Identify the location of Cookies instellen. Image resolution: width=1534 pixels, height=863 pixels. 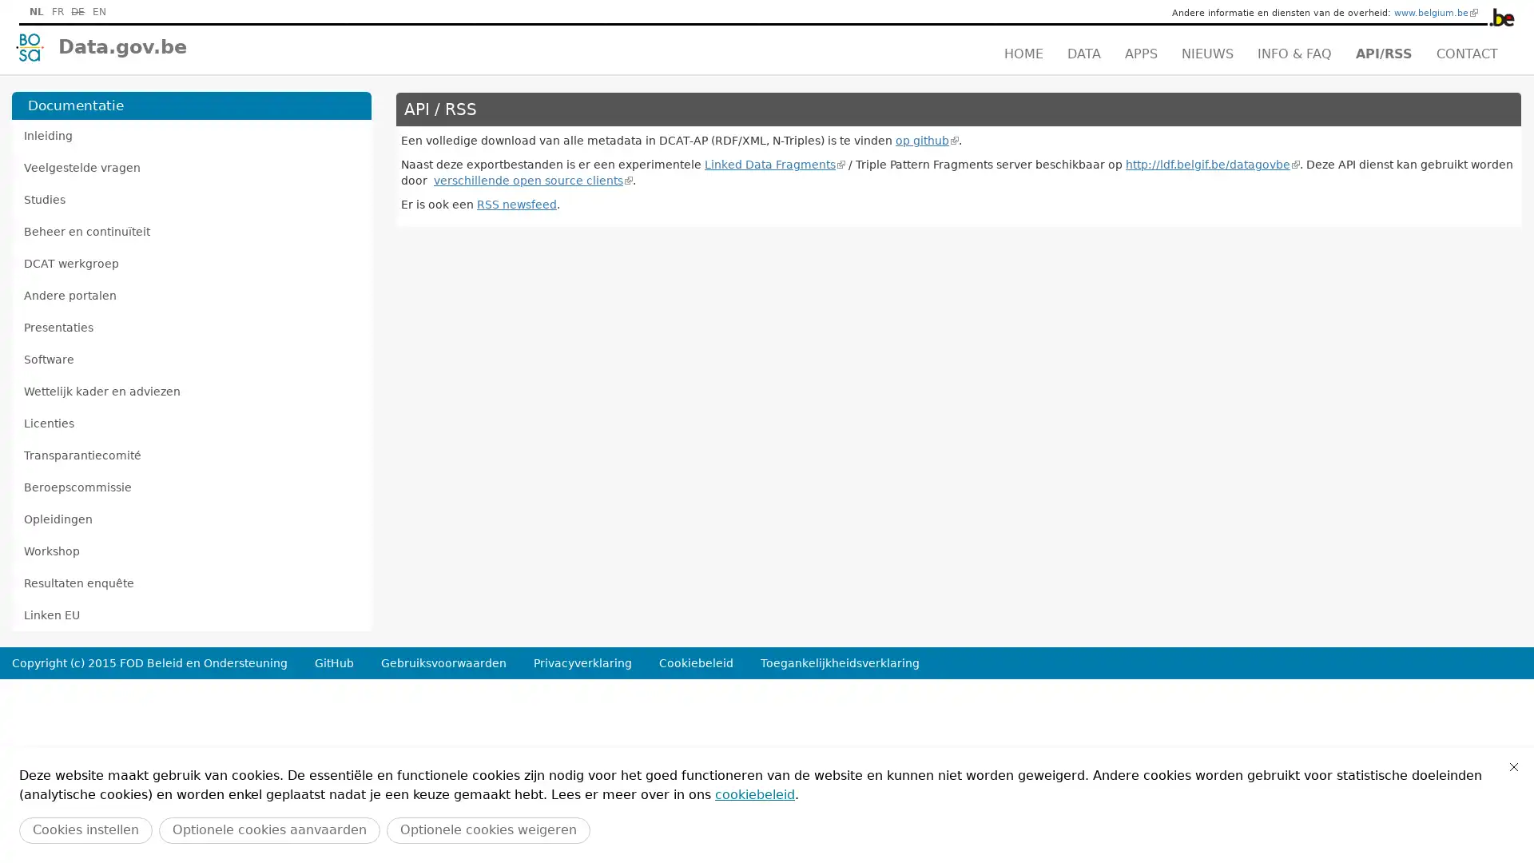
(85, 829).